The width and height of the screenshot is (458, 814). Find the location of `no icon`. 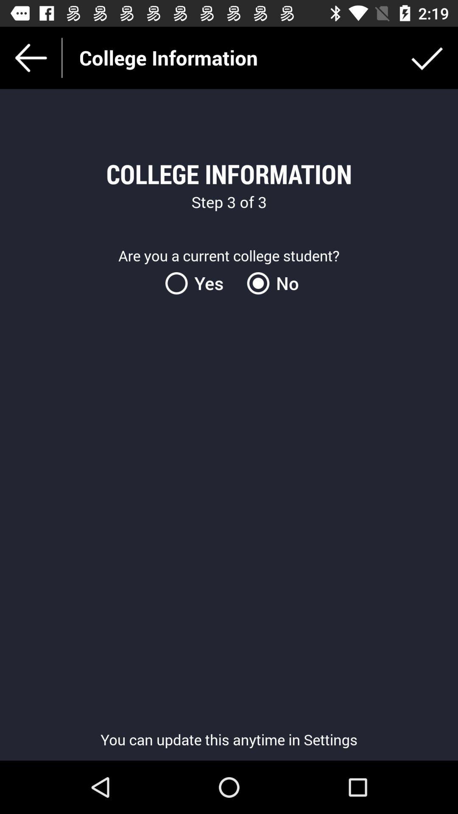

no icon is located at coordinates (270, 283).